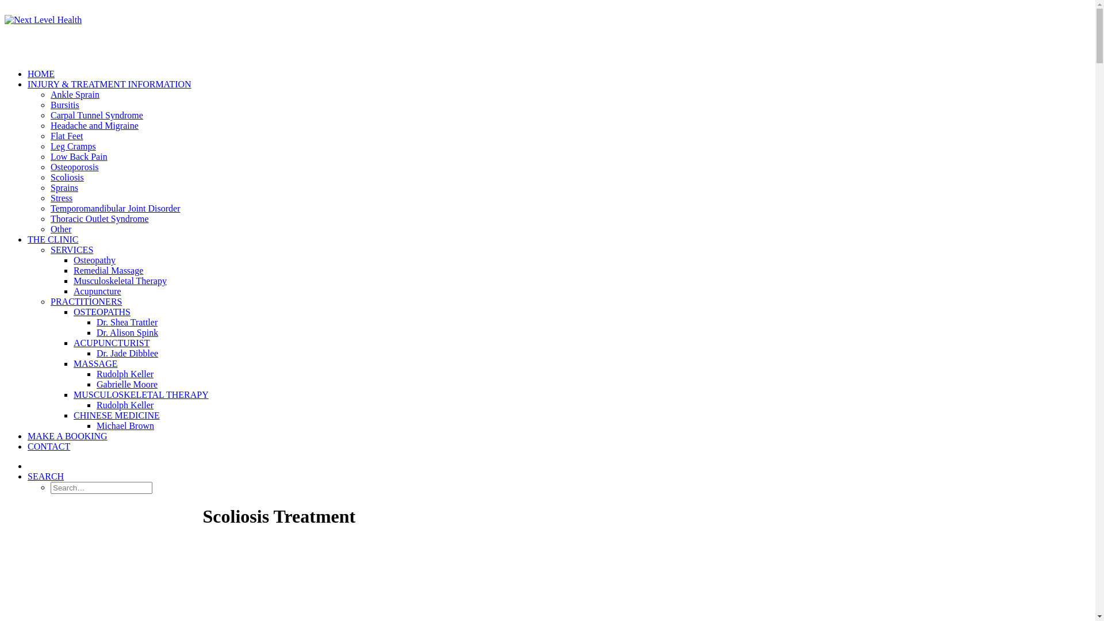 The width and height of the screenshot is (1104, 621). I want to click on 'Scoliosis', so click(49, 177).